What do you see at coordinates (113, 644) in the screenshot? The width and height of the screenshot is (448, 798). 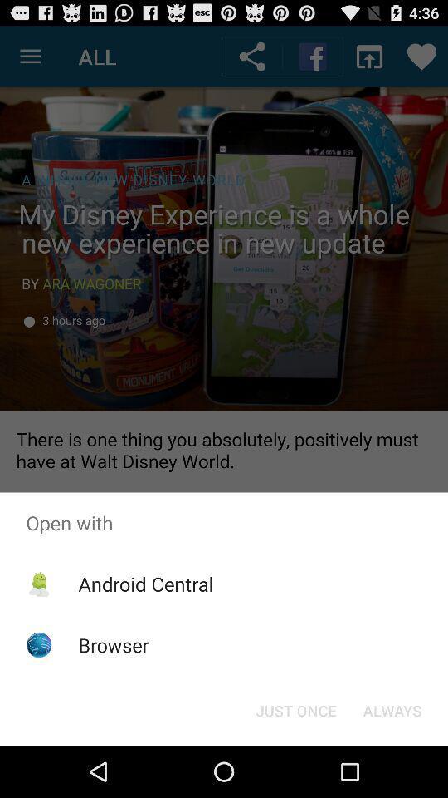 I see `browser icon` at bounding box center [113, 644].